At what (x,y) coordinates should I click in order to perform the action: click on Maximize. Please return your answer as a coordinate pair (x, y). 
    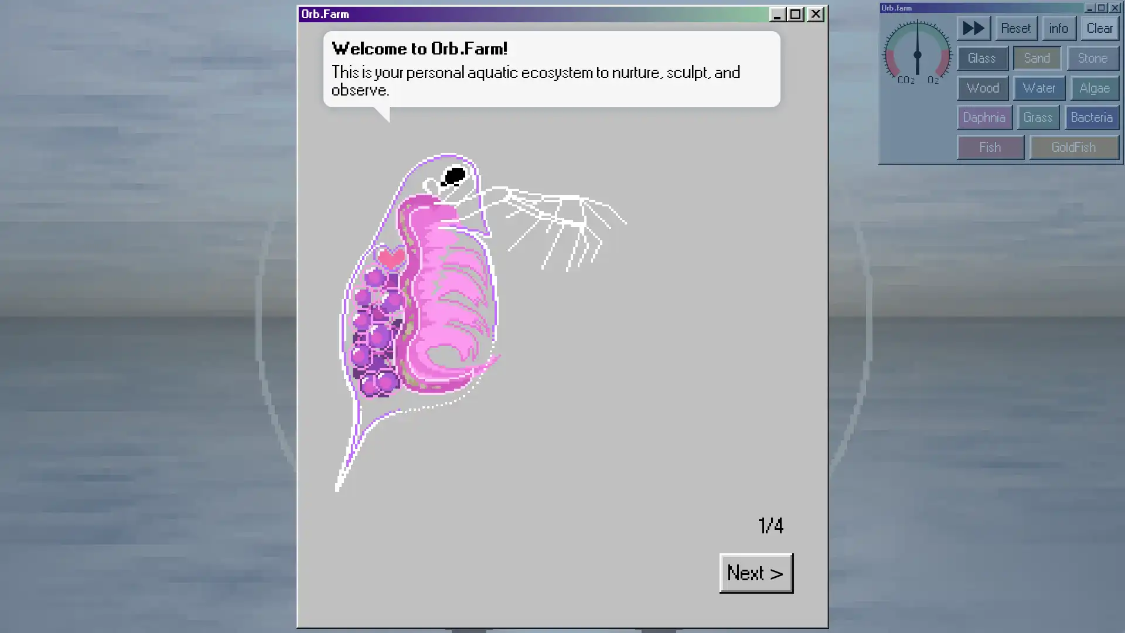
    Looking at the image, I should click on (424, 7).